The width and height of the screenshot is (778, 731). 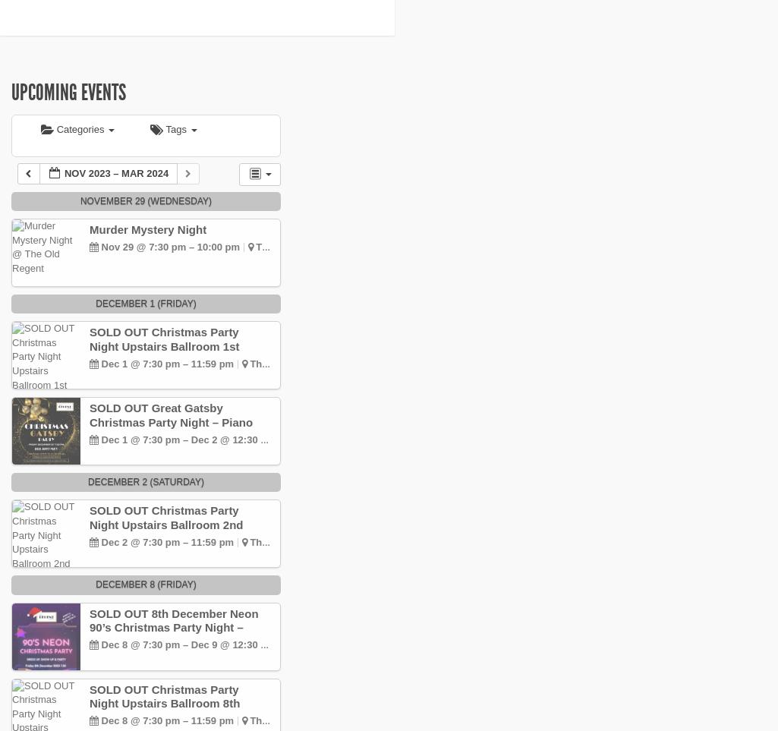 I want to click on 'Nov 2023 – Mar 2024', so click(x=115, y=172).